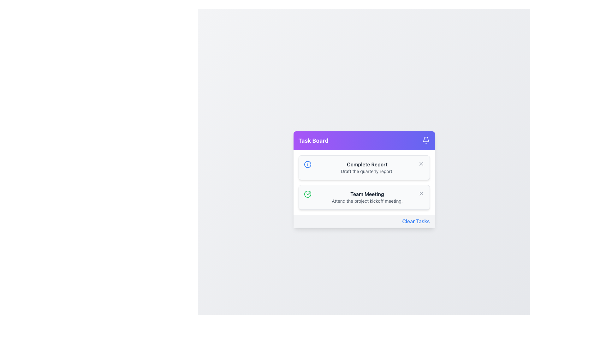 This screenshot has height=341, width=606. What do you see at coordinates (367, 167) in the screenshot?
I see `the Text display block that summarizes a task in the task management system, positioned above the 'Team Meeting' item and adjacent to an icon and a close button` at bounding box center [367, 167].